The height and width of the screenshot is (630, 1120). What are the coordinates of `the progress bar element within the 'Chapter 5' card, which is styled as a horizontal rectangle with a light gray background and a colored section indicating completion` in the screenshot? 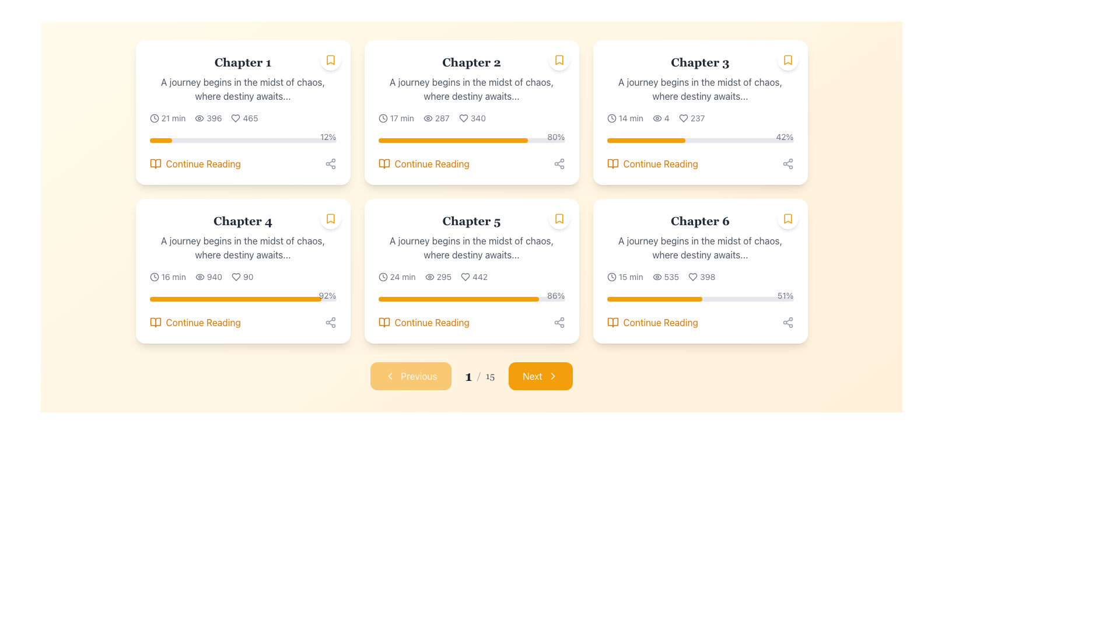 It's located at (471, 299).